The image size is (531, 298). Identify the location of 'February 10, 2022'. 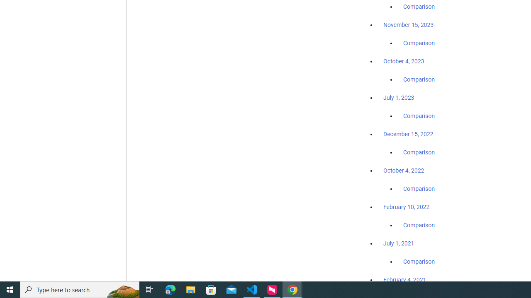
(406, 207).